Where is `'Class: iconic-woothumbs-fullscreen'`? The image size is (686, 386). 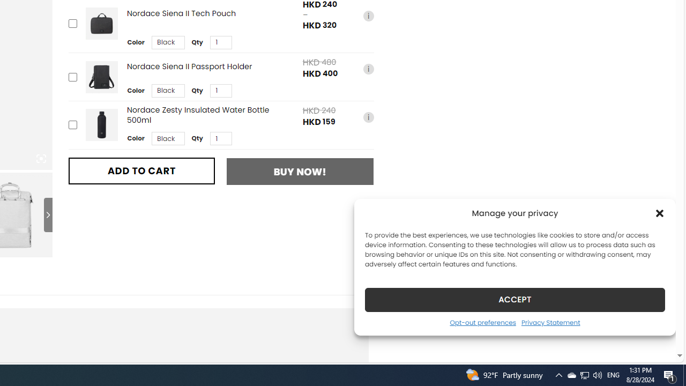 'Class: iconic-woothumbs-fullscreen' is located at coordinates (41, 159).